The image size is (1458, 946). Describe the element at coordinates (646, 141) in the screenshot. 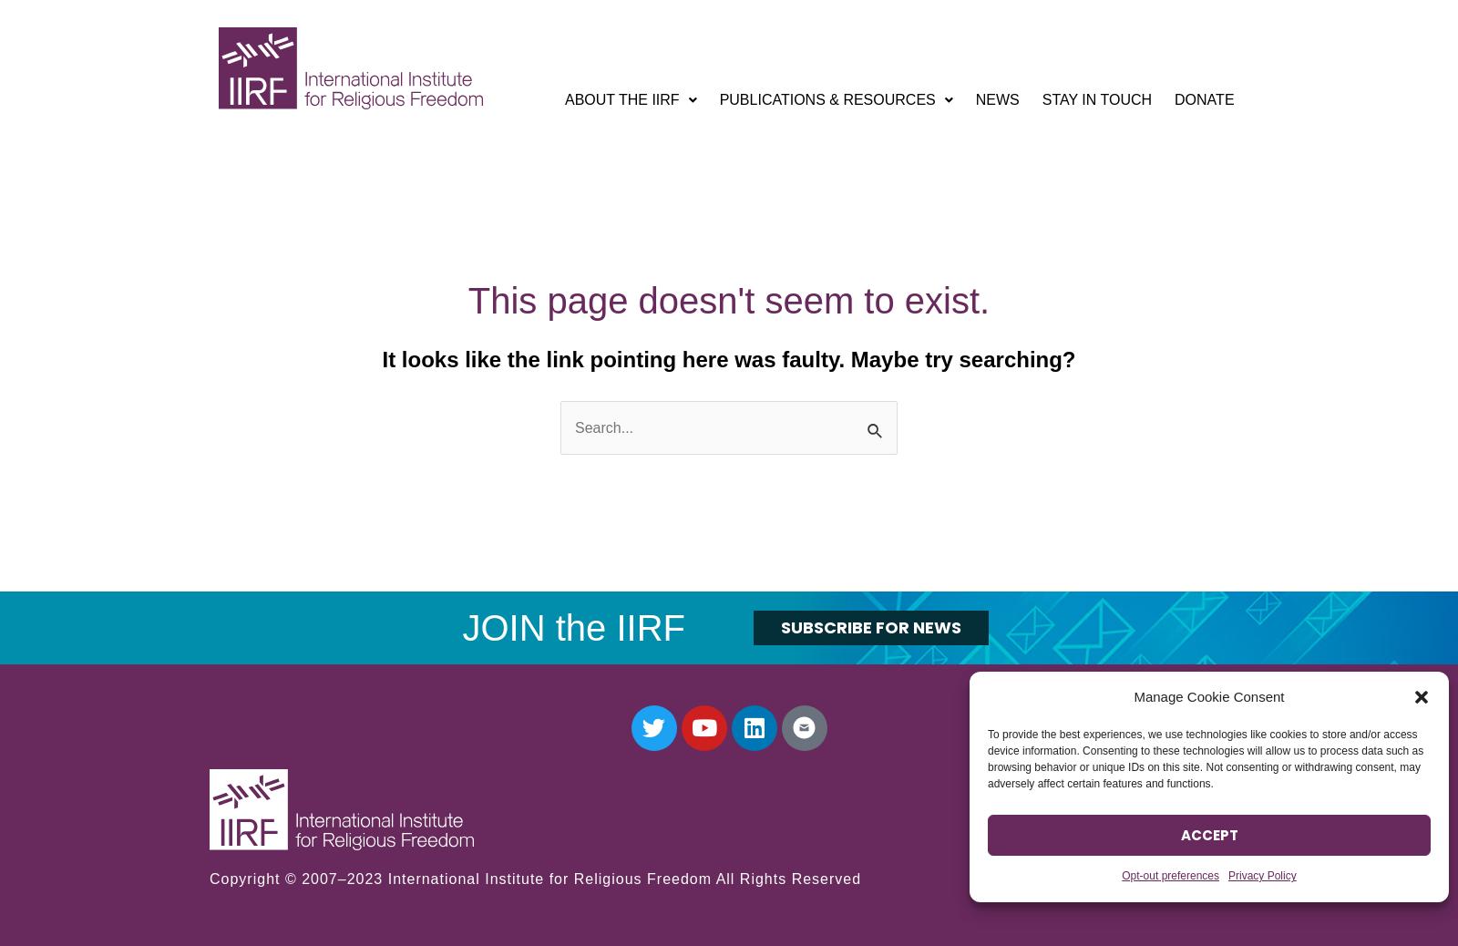

I see `'Vision & Mission'` at that location.